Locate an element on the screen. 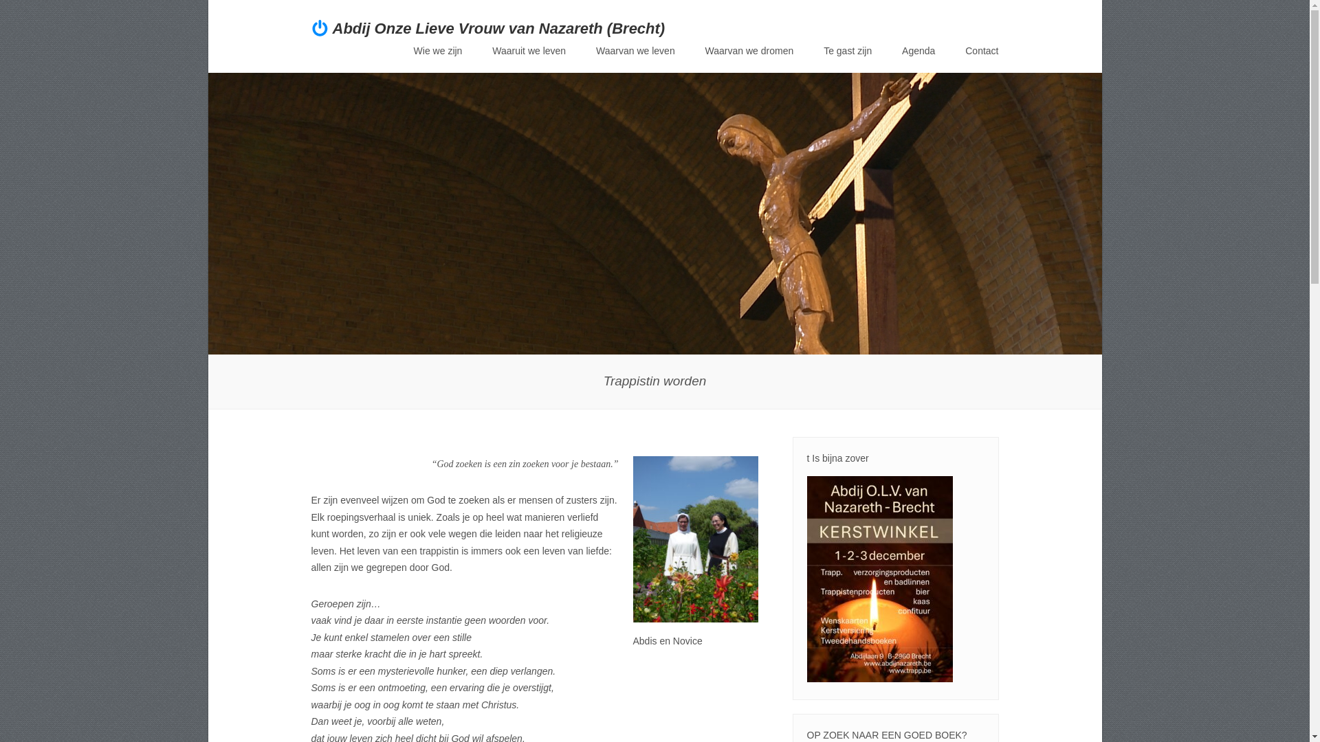 This screenshot has height=742, width=1320. 'Te gast zijn' is located at coordinates (847, 49).